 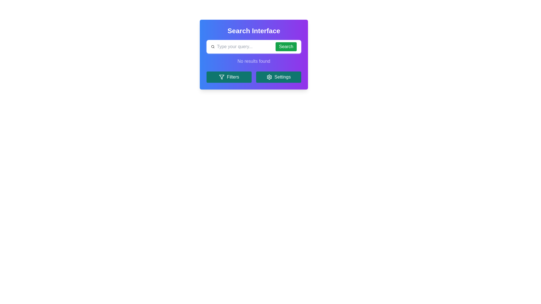 I want to click on the textual label displaying 'No results found' which is located beneath the search bar and above the 'Filters' and 'Settings' buttons, so click(x=254, y=61).